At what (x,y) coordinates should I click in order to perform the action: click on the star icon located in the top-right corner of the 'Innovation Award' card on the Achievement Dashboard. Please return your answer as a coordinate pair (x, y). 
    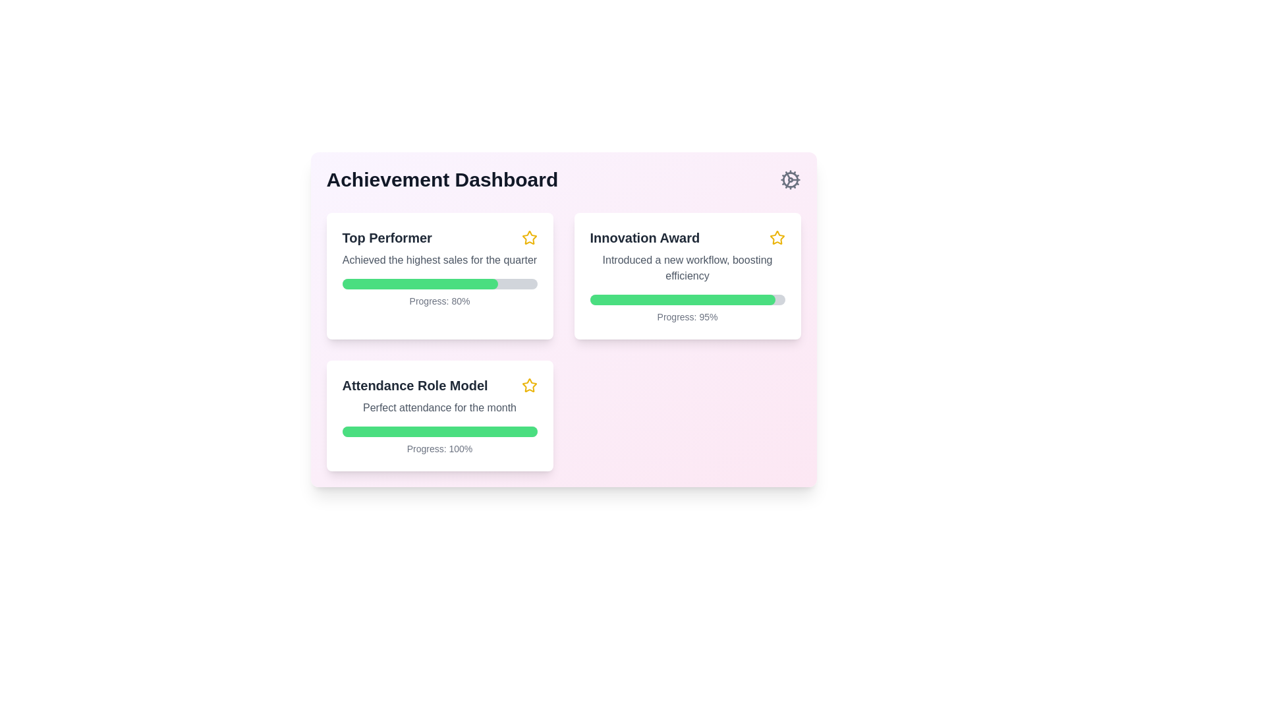
    Looking at the image, I should click on (529, 385).